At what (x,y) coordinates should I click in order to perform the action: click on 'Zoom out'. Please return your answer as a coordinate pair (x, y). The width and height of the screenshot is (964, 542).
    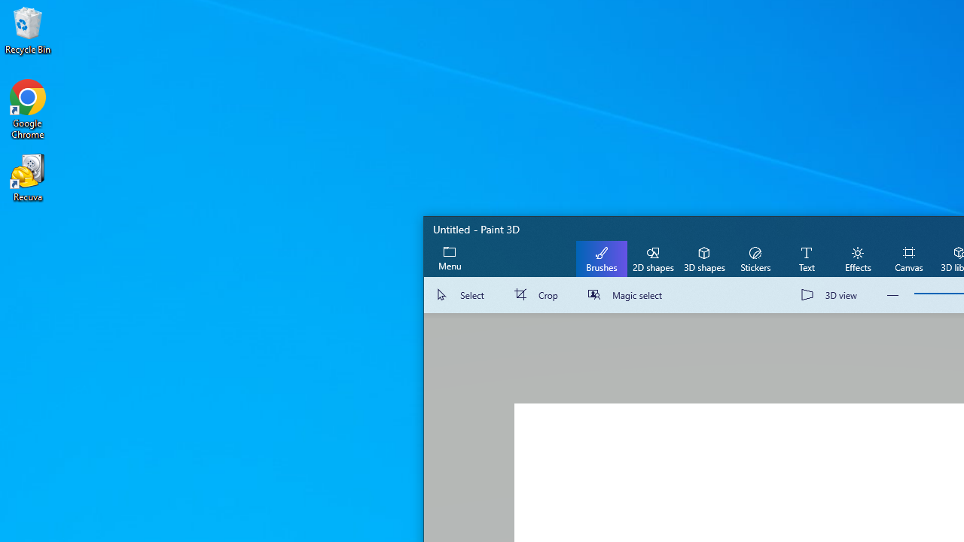
    Looking at the image, I should click on (892, 295).